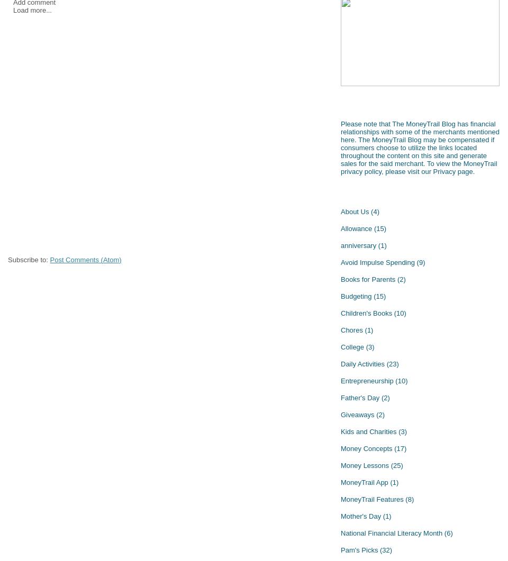  I want to click on 'MoneyTrail Features', so click(372, 498).